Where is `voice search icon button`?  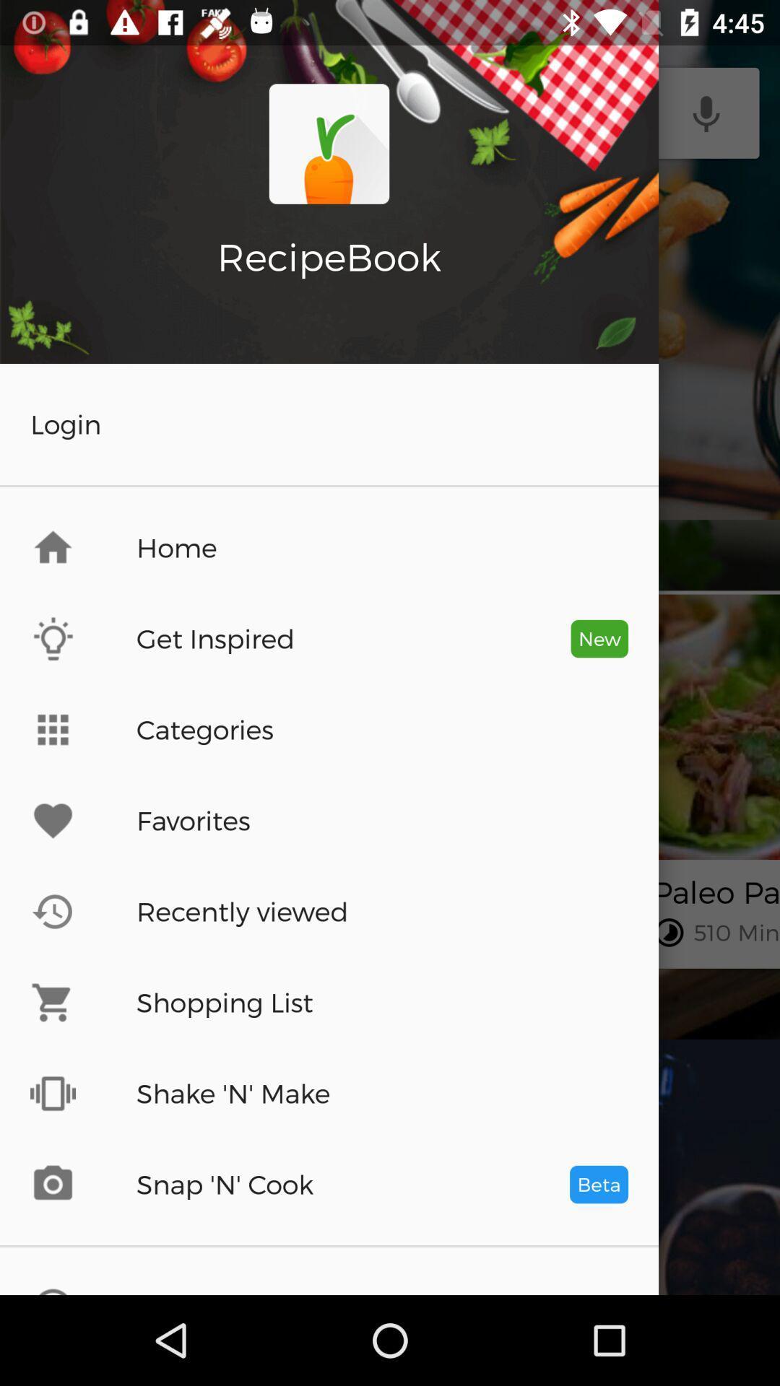
voice search icon button is located at coordinates (706, 113).